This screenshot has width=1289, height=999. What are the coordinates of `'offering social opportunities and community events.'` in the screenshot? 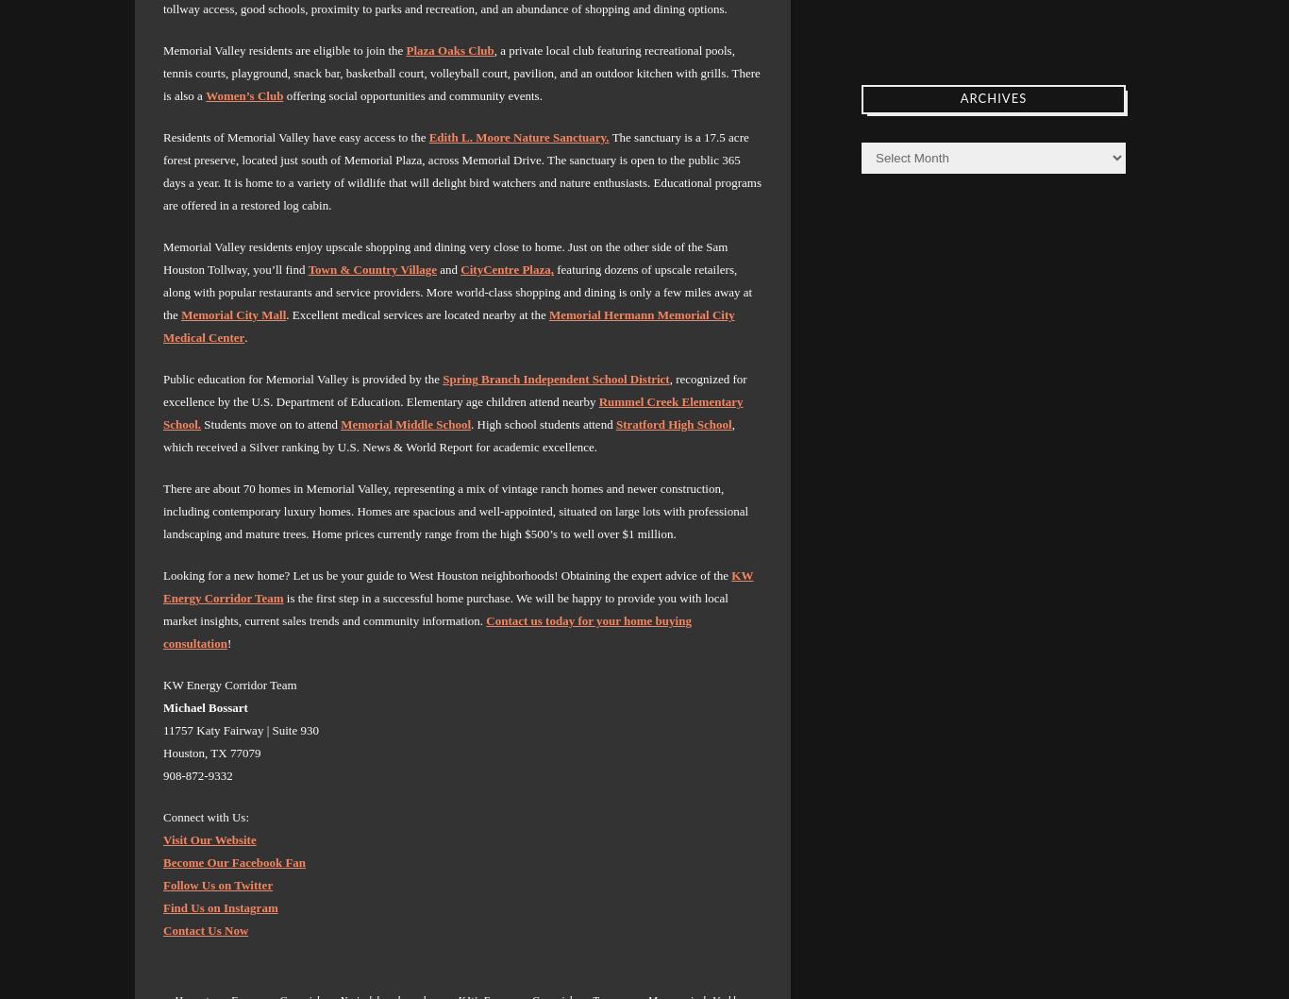 It's located at (410, 94).